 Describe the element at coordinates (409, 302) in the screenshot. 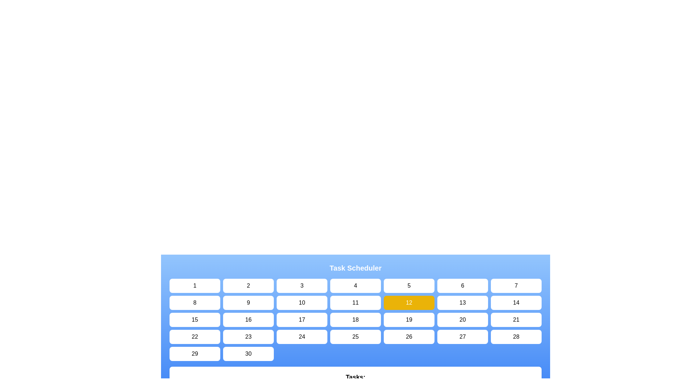

I see `the button representing the number '12' in the 'Task Scheduler' section, which is the sixth element in the second row of the grid` at that location.